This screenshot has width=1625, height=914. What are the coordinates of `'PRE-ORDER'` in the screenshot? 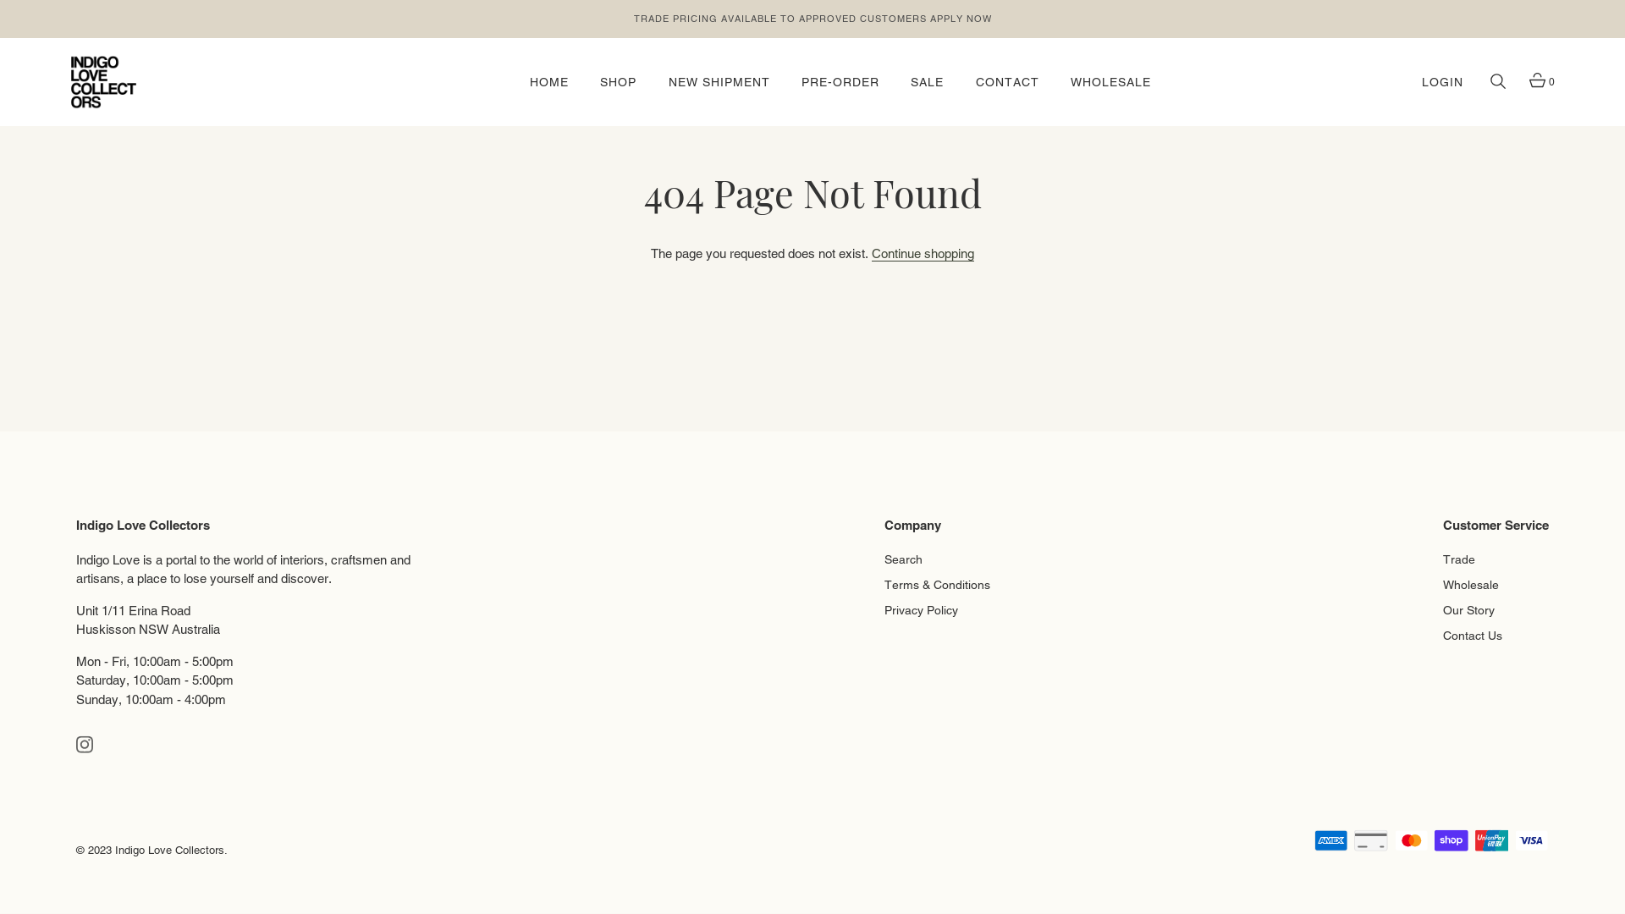 It's located at (787, 82).